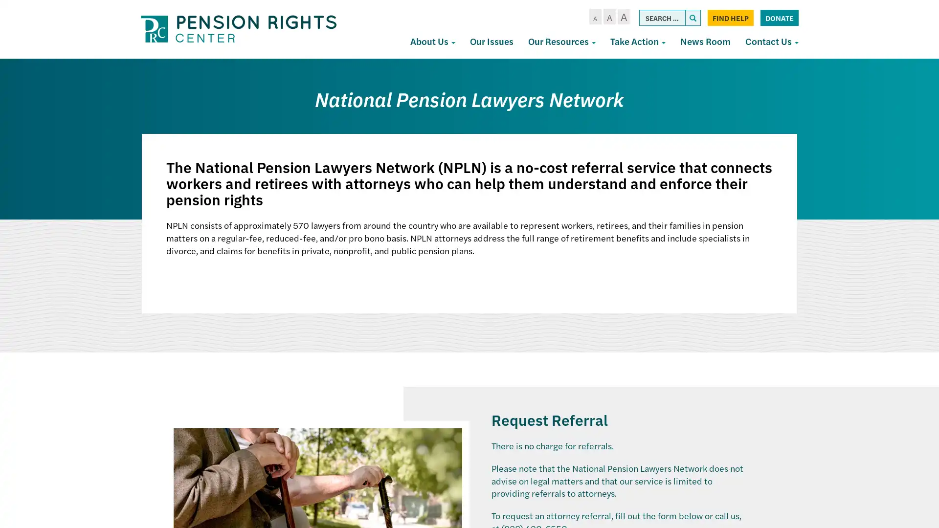 The width and height of the screenshot is (939, 528). What do you see at coordinates (594, 17) in the screenshot?
I see `A` at bounding box center [594, 17].